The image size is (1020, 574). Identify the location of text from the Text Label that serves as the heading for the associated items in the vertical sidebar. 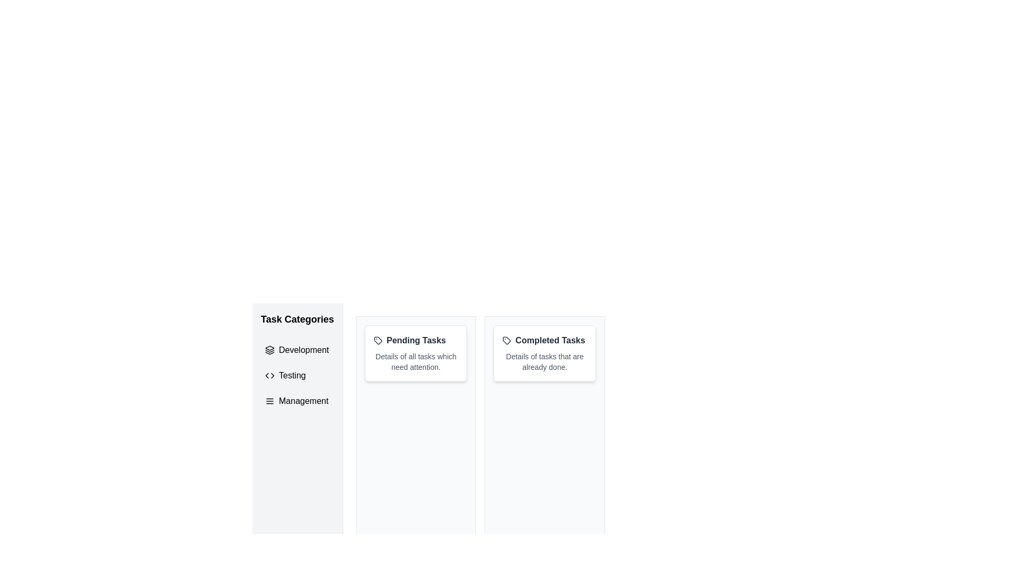
(297, 319).